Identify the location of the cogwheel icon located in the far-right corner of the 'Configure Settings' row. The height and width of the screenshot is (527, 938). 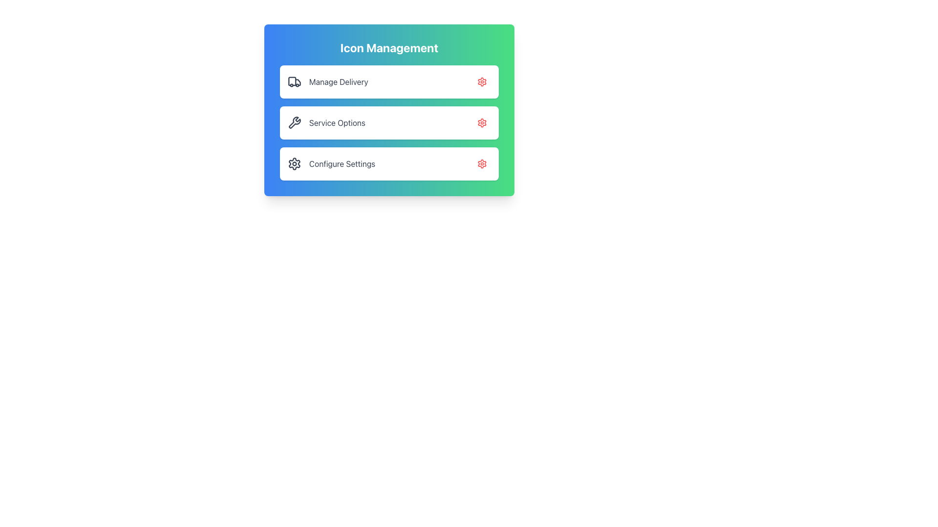
(482, 163).